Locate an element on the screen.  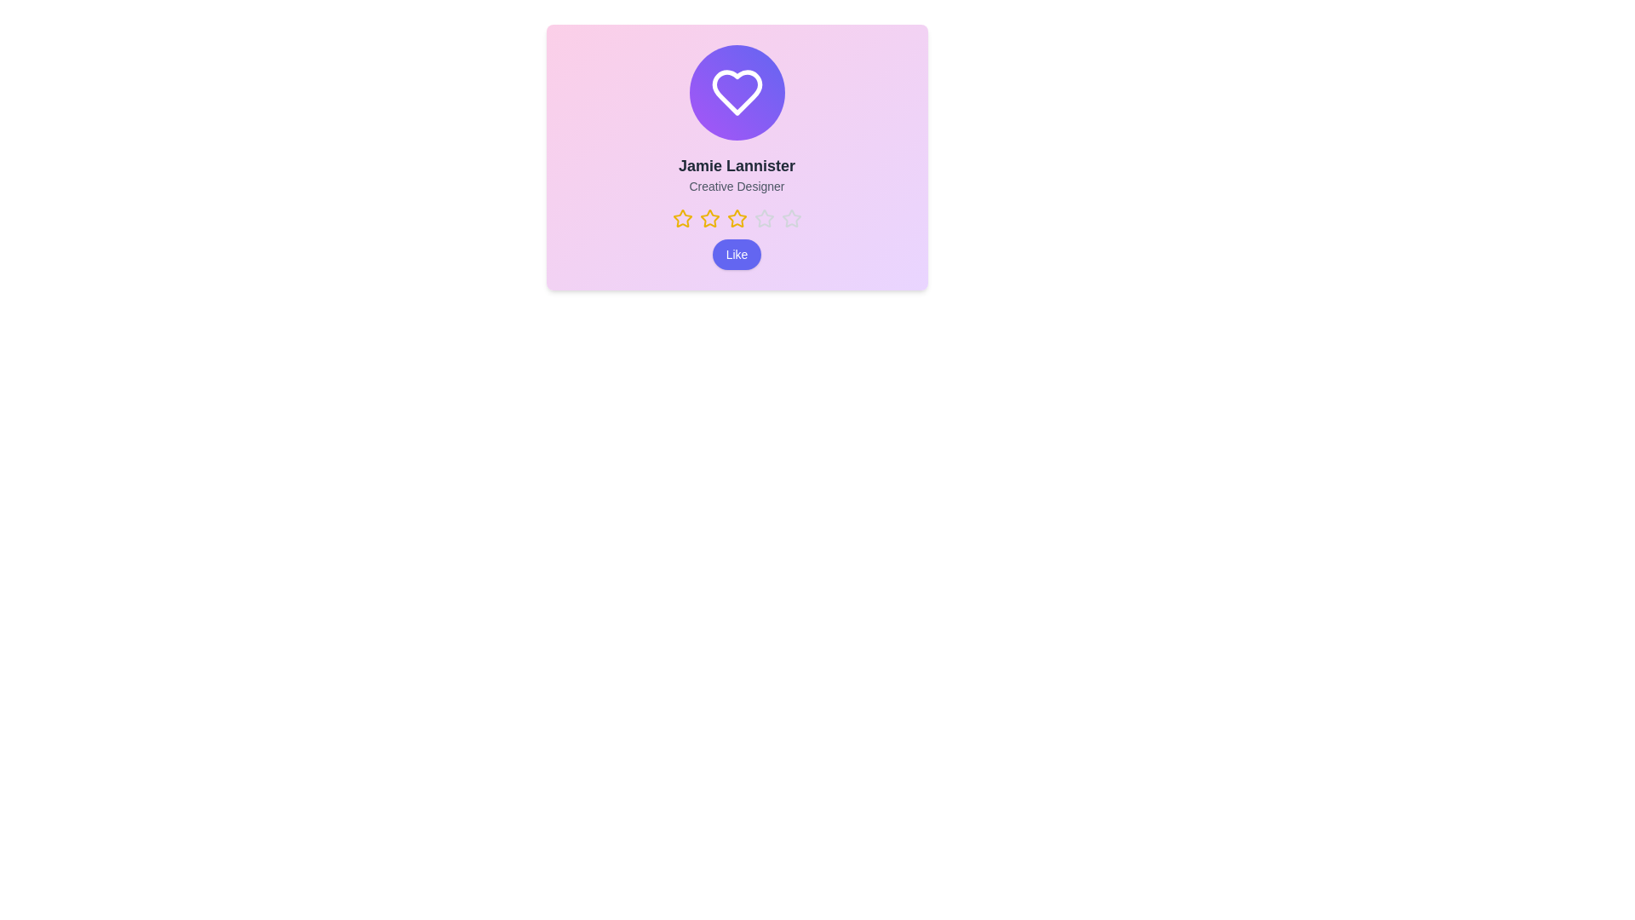
the third star icon in the rating indicator positioned below the text label 'Jamie Lannister, Creative Designer' and above the 'Like' button is located at coordinates (709, 218).